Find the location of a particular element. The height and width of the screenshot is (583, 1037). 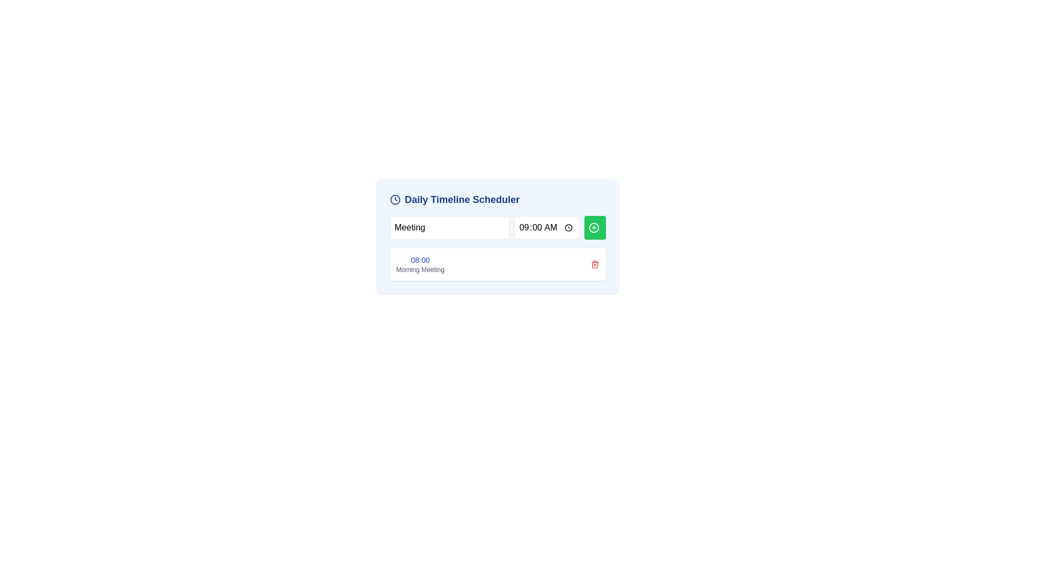

the Textual information display showing '08:00' and 'Morning Meeting', which is styled in a bold blue font and smaller gray font respectively, located within a white card in the schedule panel is located at coordinates (420, 264).